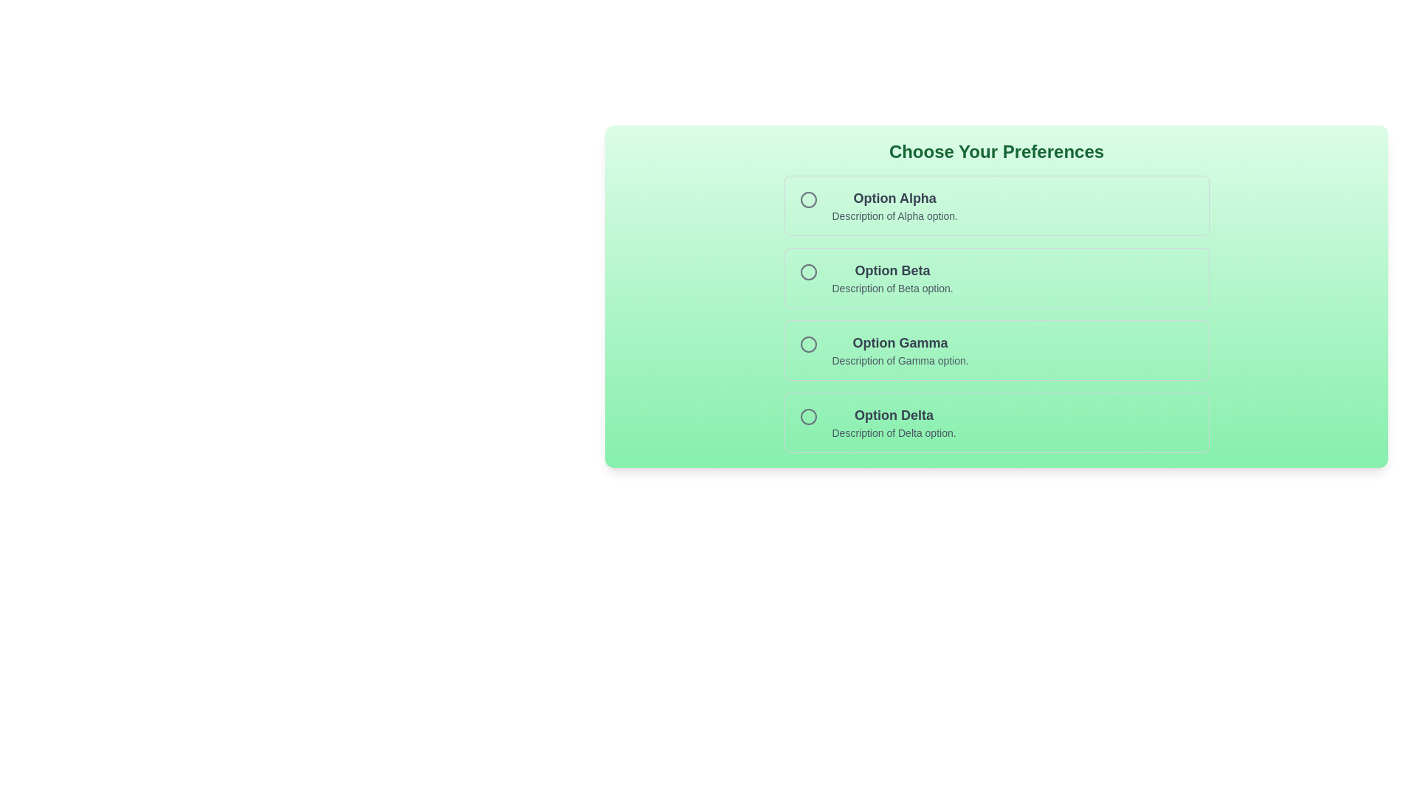 The width and height of the screenshot is (1417, 797). What do you see at coordinates (996, 205) in the screenshot?
I see `the first selectable list item in the configuration selection interface` at bounding box center [996, 205].